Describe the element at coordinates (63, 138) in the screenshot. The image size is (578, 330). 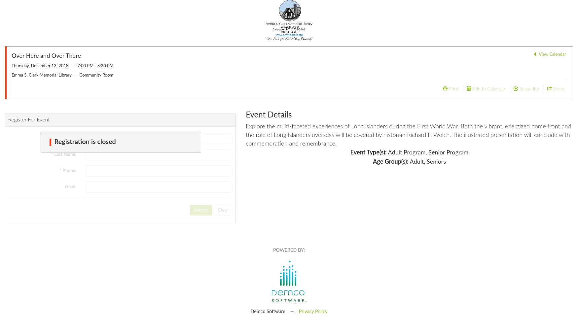
I see `'* First Name:'` at that location.